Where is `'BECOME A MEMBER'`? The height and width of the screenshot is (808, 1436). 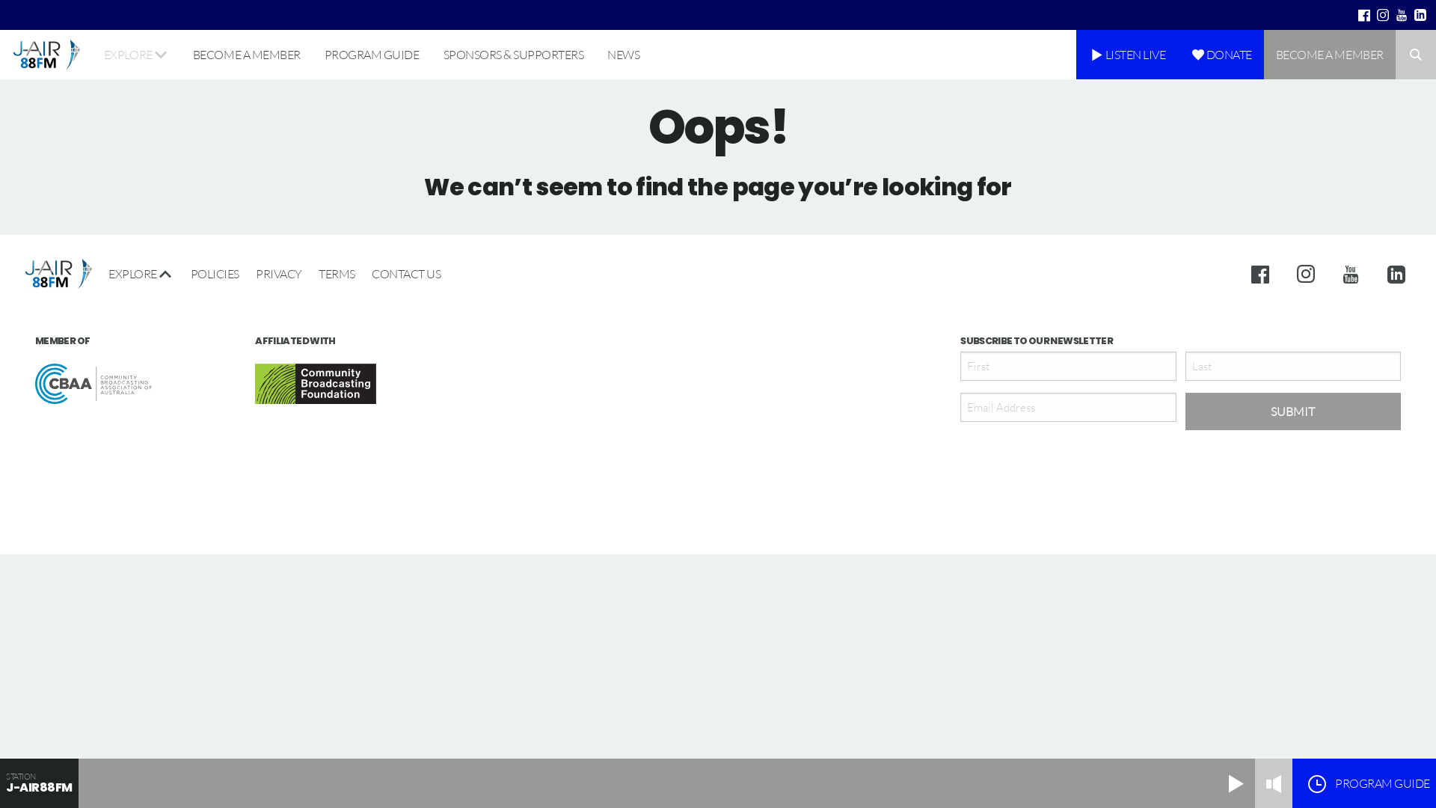 'BECOME A MEMBER' is located at coordinates (179, 54).